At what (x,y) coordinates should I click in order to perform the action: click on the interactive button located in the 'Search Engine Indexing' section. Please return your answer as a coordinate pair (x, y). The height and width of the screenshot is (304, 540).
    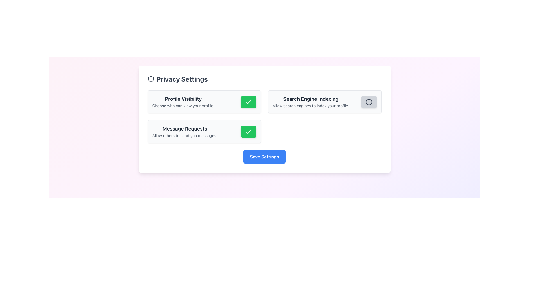
    Looking at the image, I should click on (369, 102).